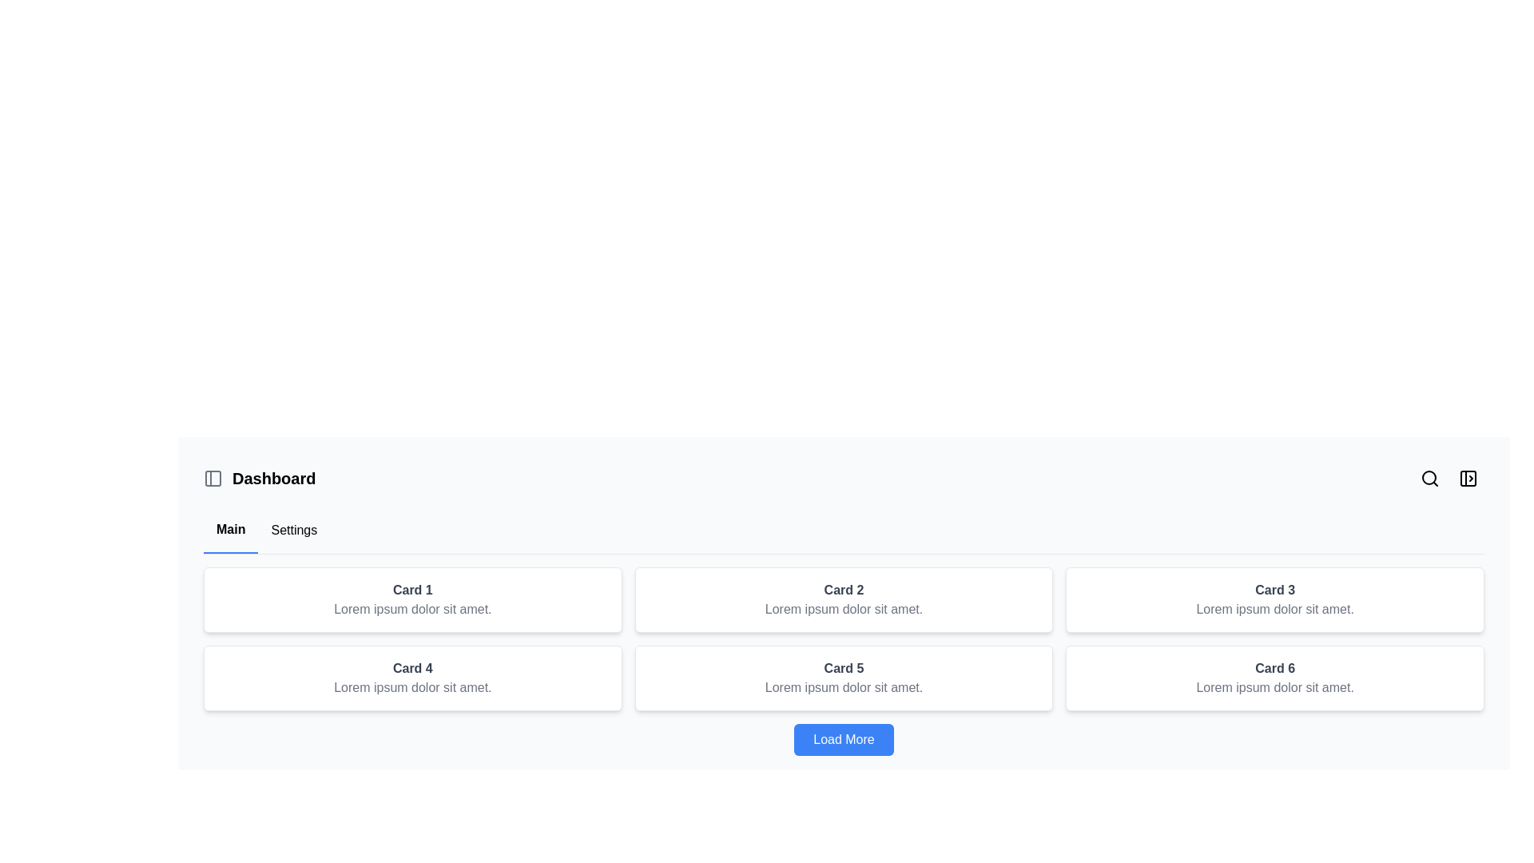 The width and height of the screenshot is (1534, 863). What do you see at coordinates (1468, 477) in the screenshot?
I see `the icon component located at the rightmost edge of the interface in the top navigation bar, adjacent to the search icon` at bounding box center [1468, 477].